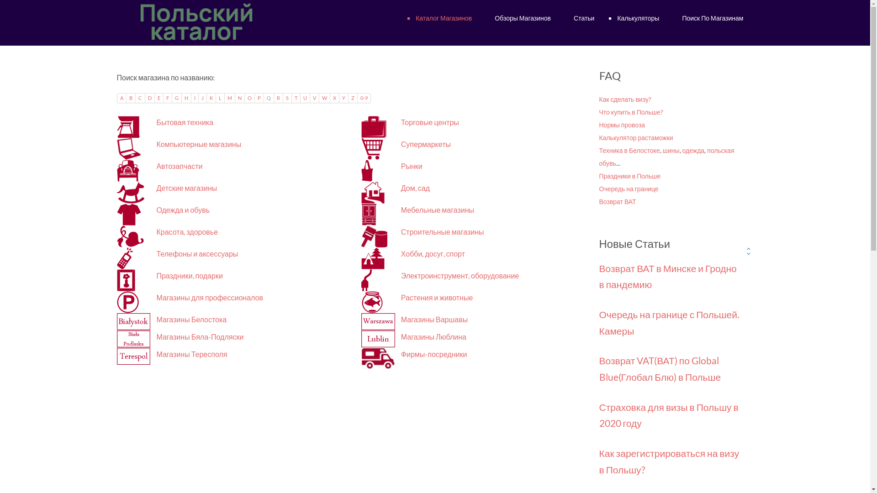 Image resolution: width=877 pixels, height=493 pixels. I want to click on 'K', so click(210, 98).